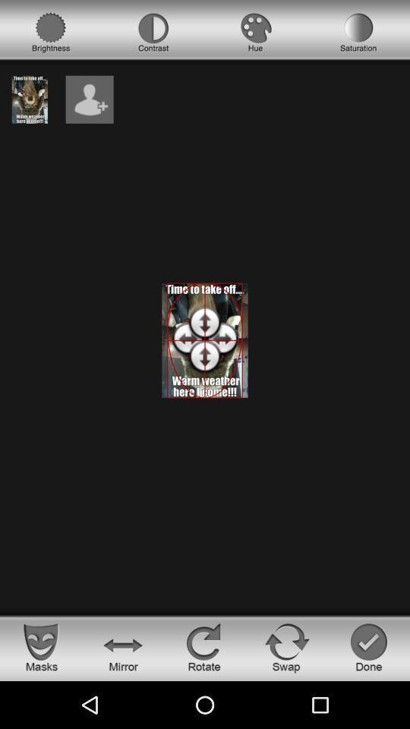 The image size is (410, 729). I want to click on adjust saturation, so click(358, 32).